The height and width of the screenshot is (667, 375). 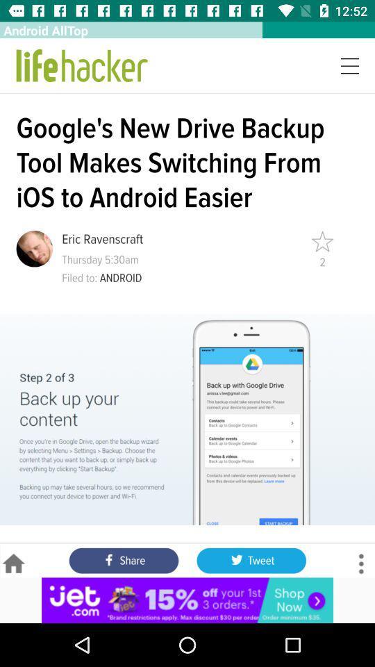 I want to click on open settings, so click(x=361, y=563).